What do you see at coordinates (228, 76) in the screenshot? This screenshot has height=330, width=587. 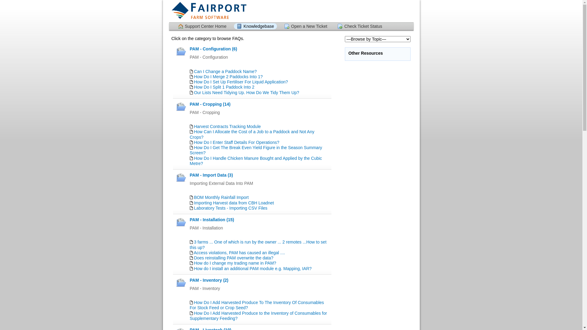 I see `'How Do I Merge 2 Paddocks Into 1?'` at bounding box center [228, 76].